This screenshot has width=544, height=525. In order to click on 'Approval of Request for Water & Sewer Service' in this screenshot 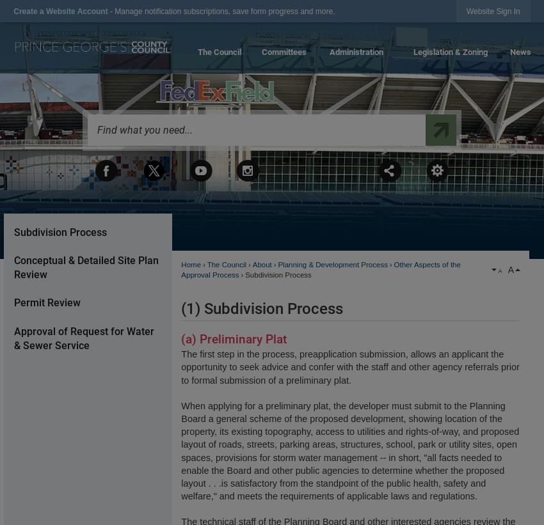, I will do `click(83, 338)`.